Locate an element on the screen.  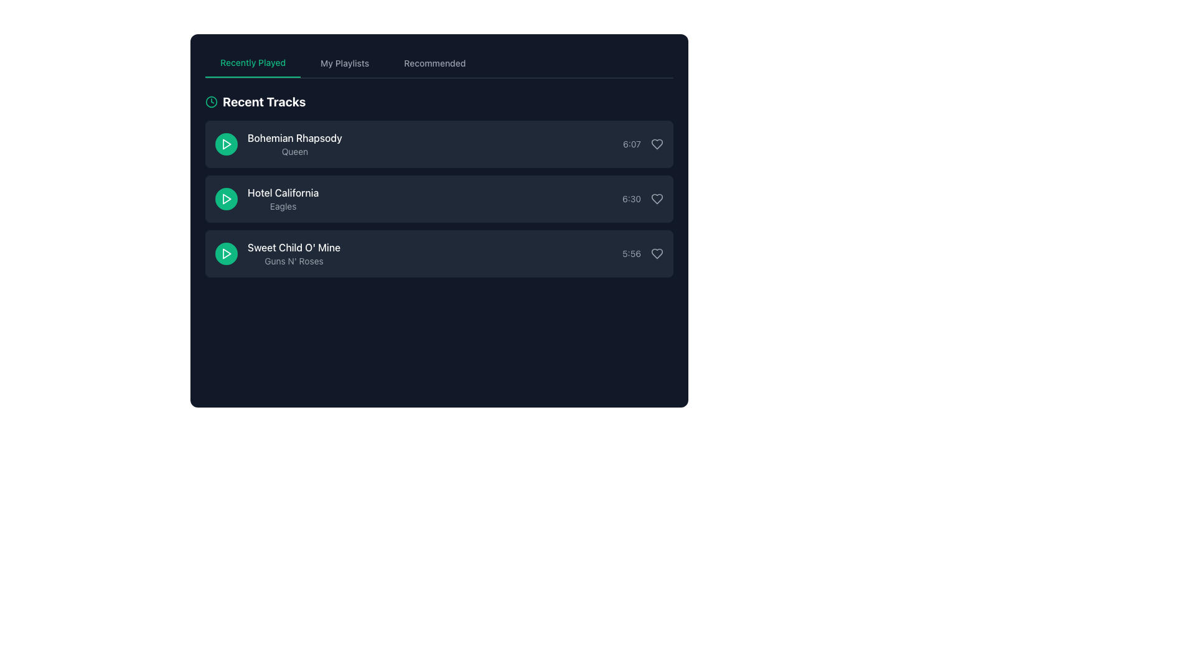
the non-interactive text label displaying the title 'Eagles' in the 'Recent Tracks' section, which is the second entry in the playlist is located at coordinates (283, 192).